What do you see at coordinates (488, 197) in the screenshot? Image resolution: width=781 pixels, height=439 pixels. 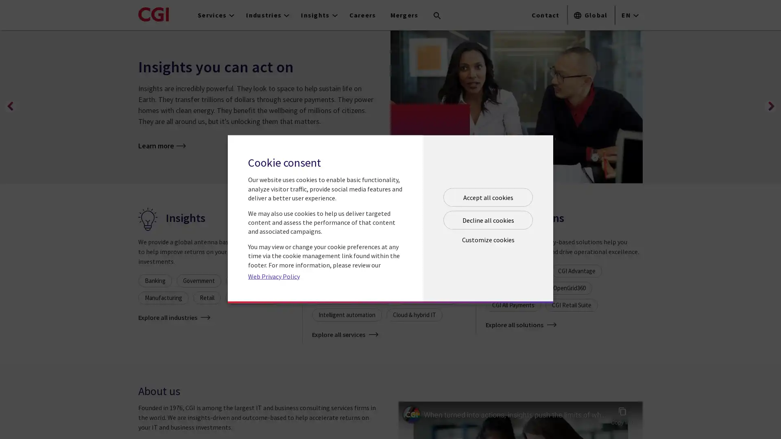 I see `Accept all cookies` at bounding box center [488, 197].